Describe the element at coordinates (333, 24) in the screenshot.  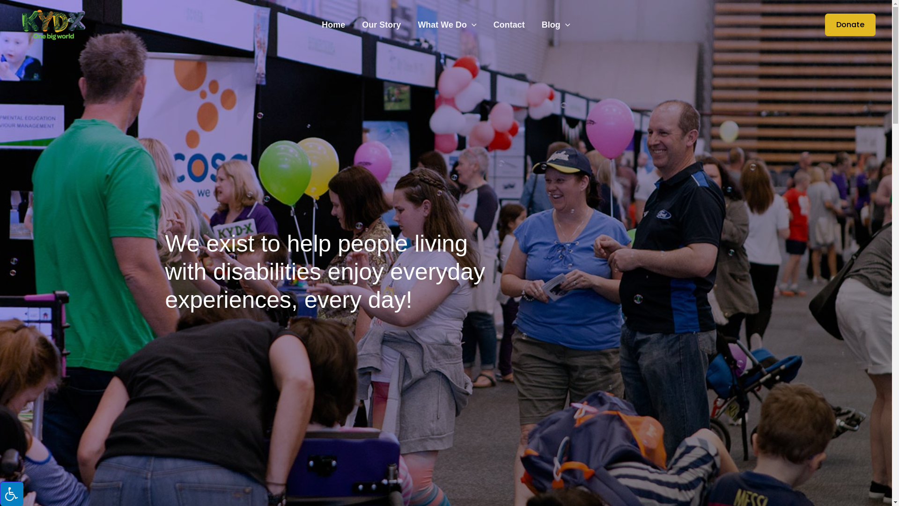
I see `'Home'` at that location.